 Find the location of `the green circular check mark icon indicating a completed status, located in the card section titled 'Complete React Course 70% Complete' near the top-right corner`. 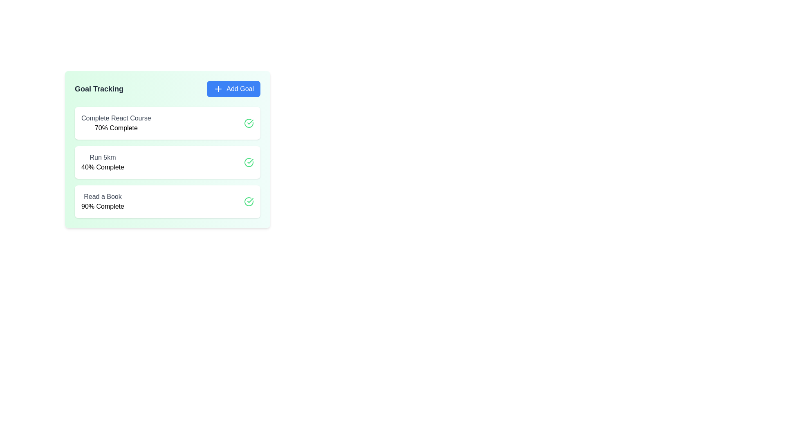

the green circular check mark icon indicating a completed status, located in the card section titled 'Complete React Course 70% Complete' near the top-right corner is located at coordinates (249, 123).